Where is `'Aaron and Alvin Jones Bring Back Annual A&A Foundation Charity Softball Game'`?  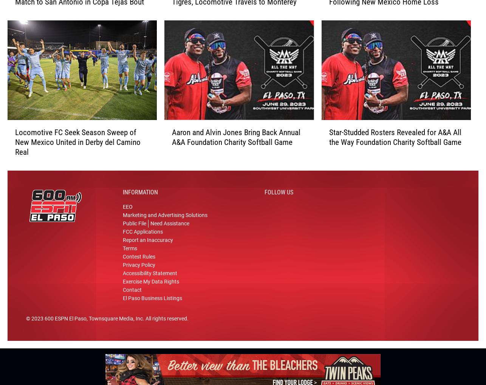
'Aaron and Alvin Jones Bring Back Annual A&A Foundation Charity Softball Game' is located at coordinates (235, 140).